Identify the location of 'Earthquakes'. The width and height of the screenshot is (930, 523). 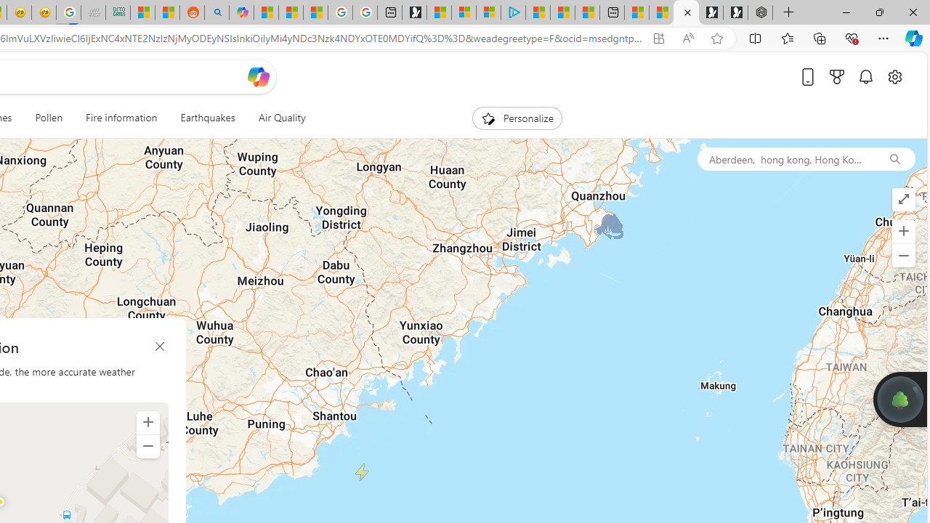
(207, 118).